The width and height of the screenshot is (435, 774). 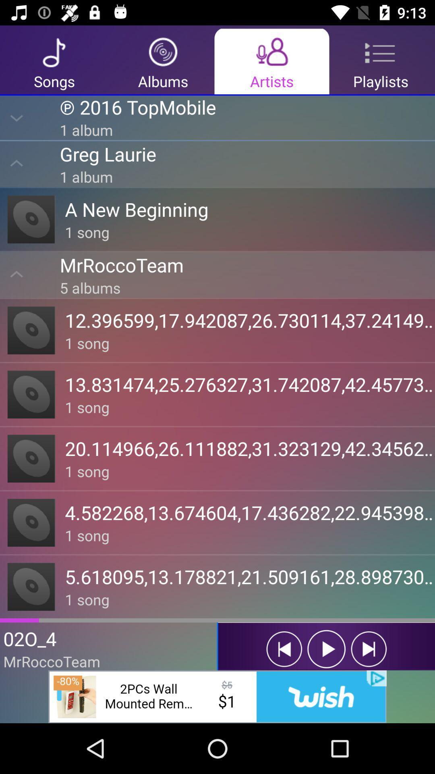 What do you see at coordinates (284, 649) in the screenshot?
I see `the skip_previous icon` at bounding box center [284, 649].